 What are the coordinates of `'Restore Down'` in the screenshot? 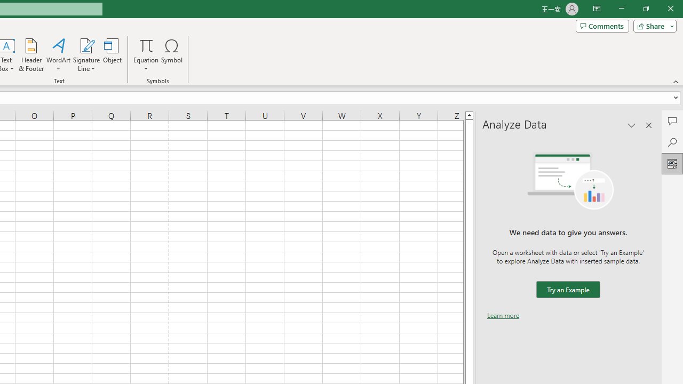 It's located at (645, 9).